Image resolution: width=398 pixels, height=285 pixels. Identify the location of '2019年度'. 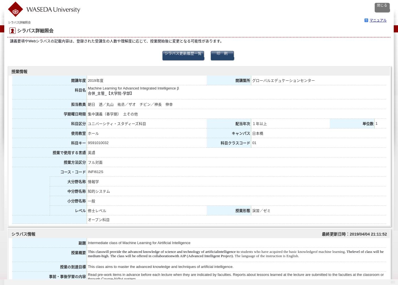
(88, 80).